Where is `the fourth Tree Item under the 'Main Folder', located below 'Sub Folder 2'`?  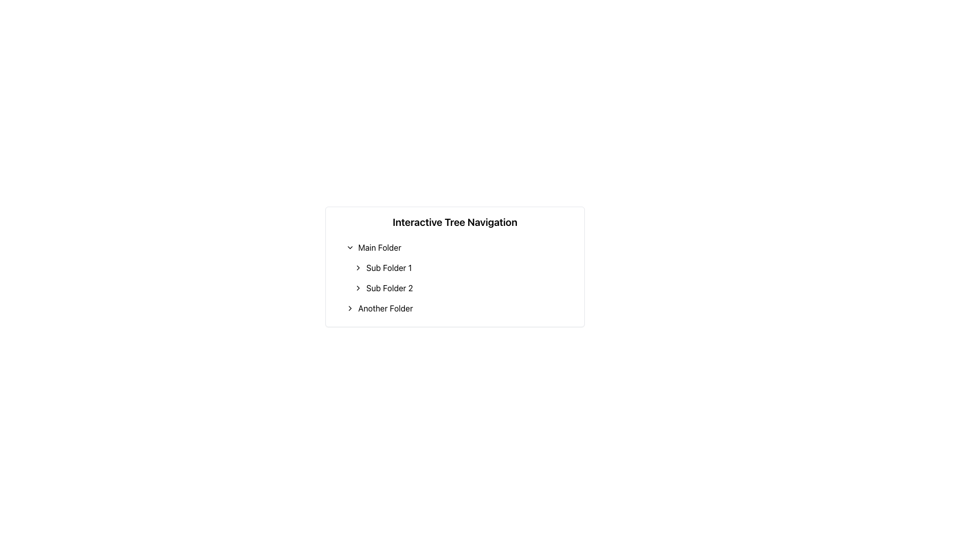
the fourth Tree Item under the 'Main Folder', located below 'Sub Folder 2' is located at coordinates (459, 308).